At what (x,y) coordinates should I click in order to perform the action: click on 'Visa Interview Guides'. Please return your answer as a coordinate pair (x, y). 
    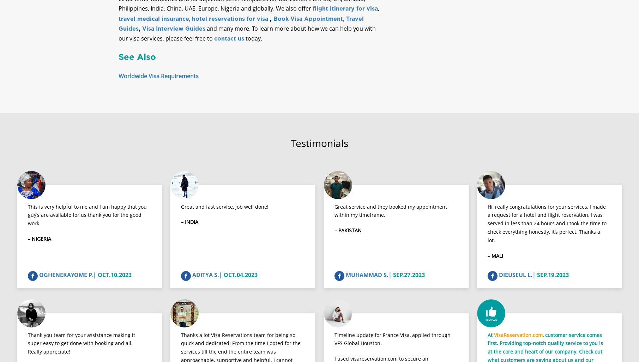
    Looking at the image, I should click on (141, 34).